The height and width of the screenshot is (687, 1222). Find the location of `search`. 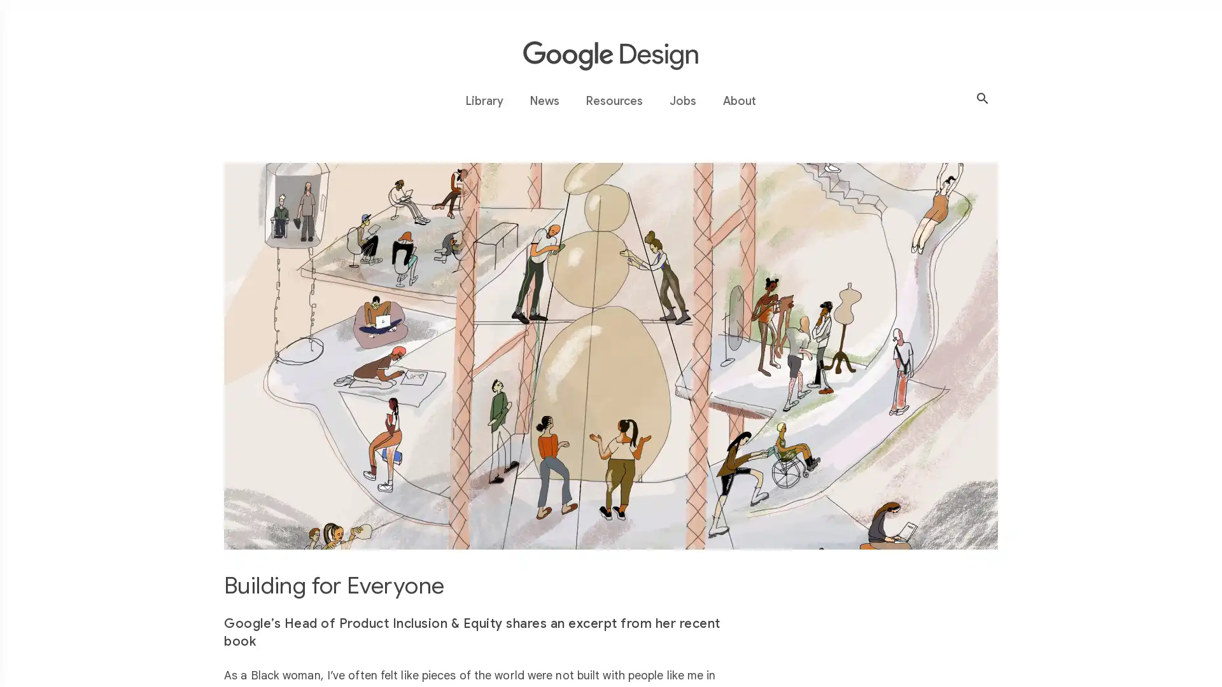

search is located at coordinates (428, 101).